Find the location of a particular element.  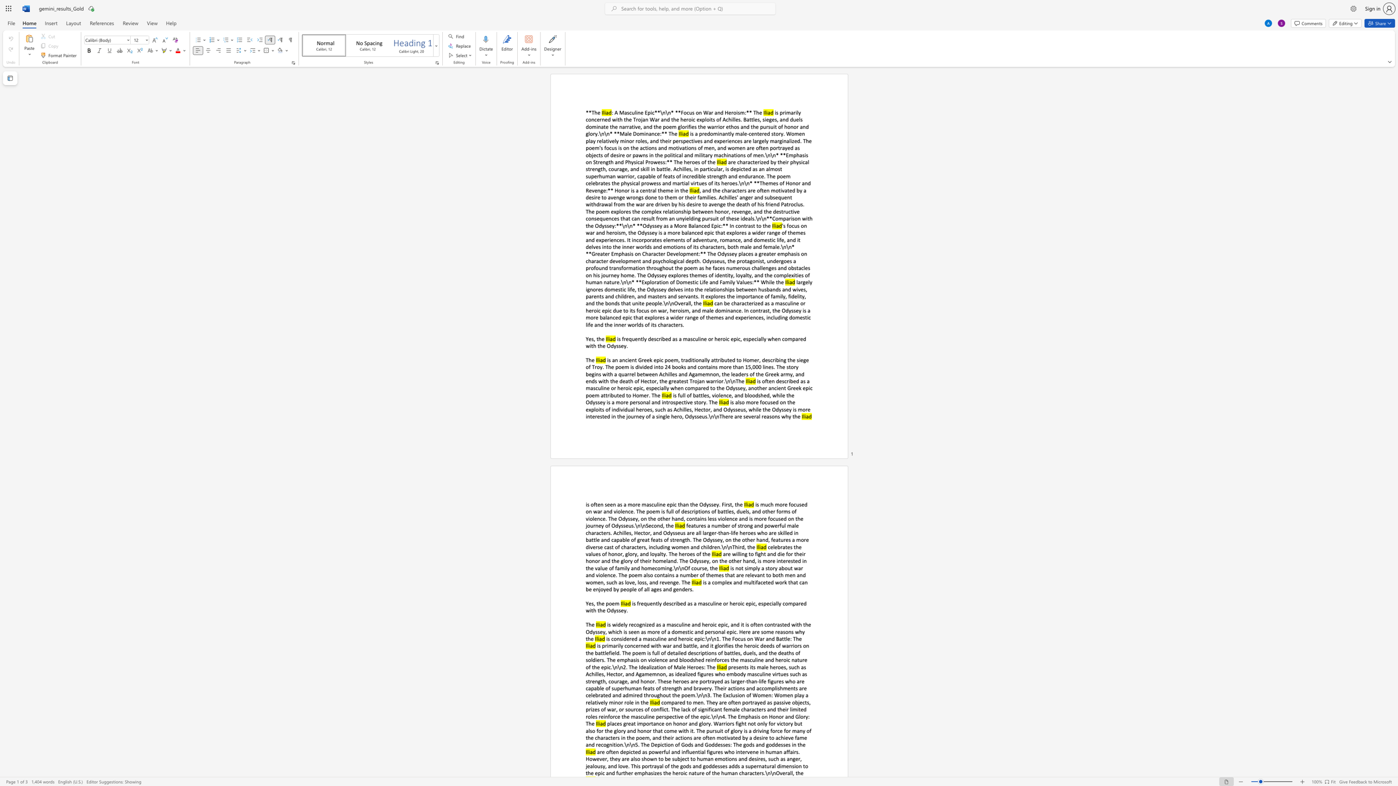

the subset text "us on war and heroism, the Odyssey is a more balanced epic that explores a wider range of themes and experiences. It incorporates elements of adventure, romance" within the text "'s focus on war and heroism, the Odyssey is a more balanced epic that explores a wider range of themes and experiences. It incorporates elements of adventure, romance, and domestic life, and it delves into the inner worlds and emotions of its characters, both male and female.\n\n* **Greater Emphasis on Character Development:** The Odyssey places a greater emphasis on character development and psychological depth. Odysseus, the protagonist, undergoes a profound transformation throughout the poem as he faces numerous challenges and obstacles on his journey home. The Odyssey explores themes of identity, loyalty, and the complexities of human nature.\n\n* **Exploration of Domestic Life and Family Values:** While the" is located at coordinates (793, 225).